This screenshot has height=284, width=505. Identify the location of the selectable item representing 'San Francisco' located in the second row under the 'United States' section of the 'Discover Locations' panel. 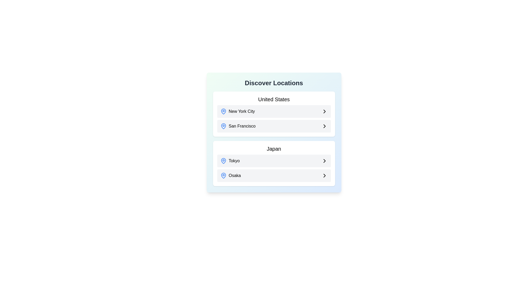
(237, 126).